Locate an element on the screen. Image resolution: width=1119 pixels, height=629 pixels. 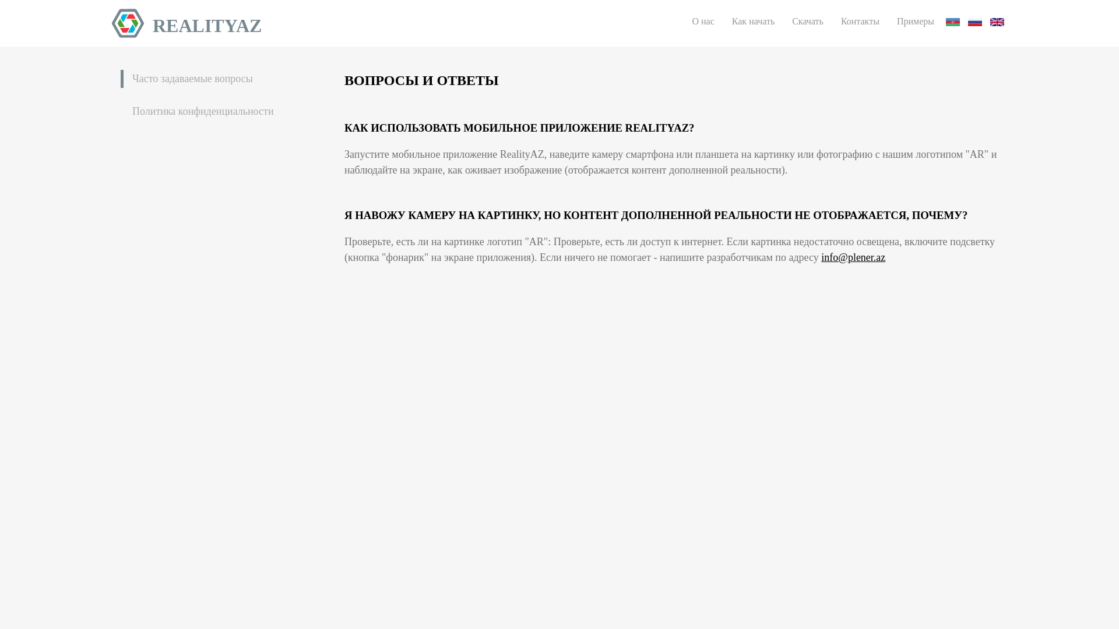
'English (UK)' is located at coordinates (996, 22).